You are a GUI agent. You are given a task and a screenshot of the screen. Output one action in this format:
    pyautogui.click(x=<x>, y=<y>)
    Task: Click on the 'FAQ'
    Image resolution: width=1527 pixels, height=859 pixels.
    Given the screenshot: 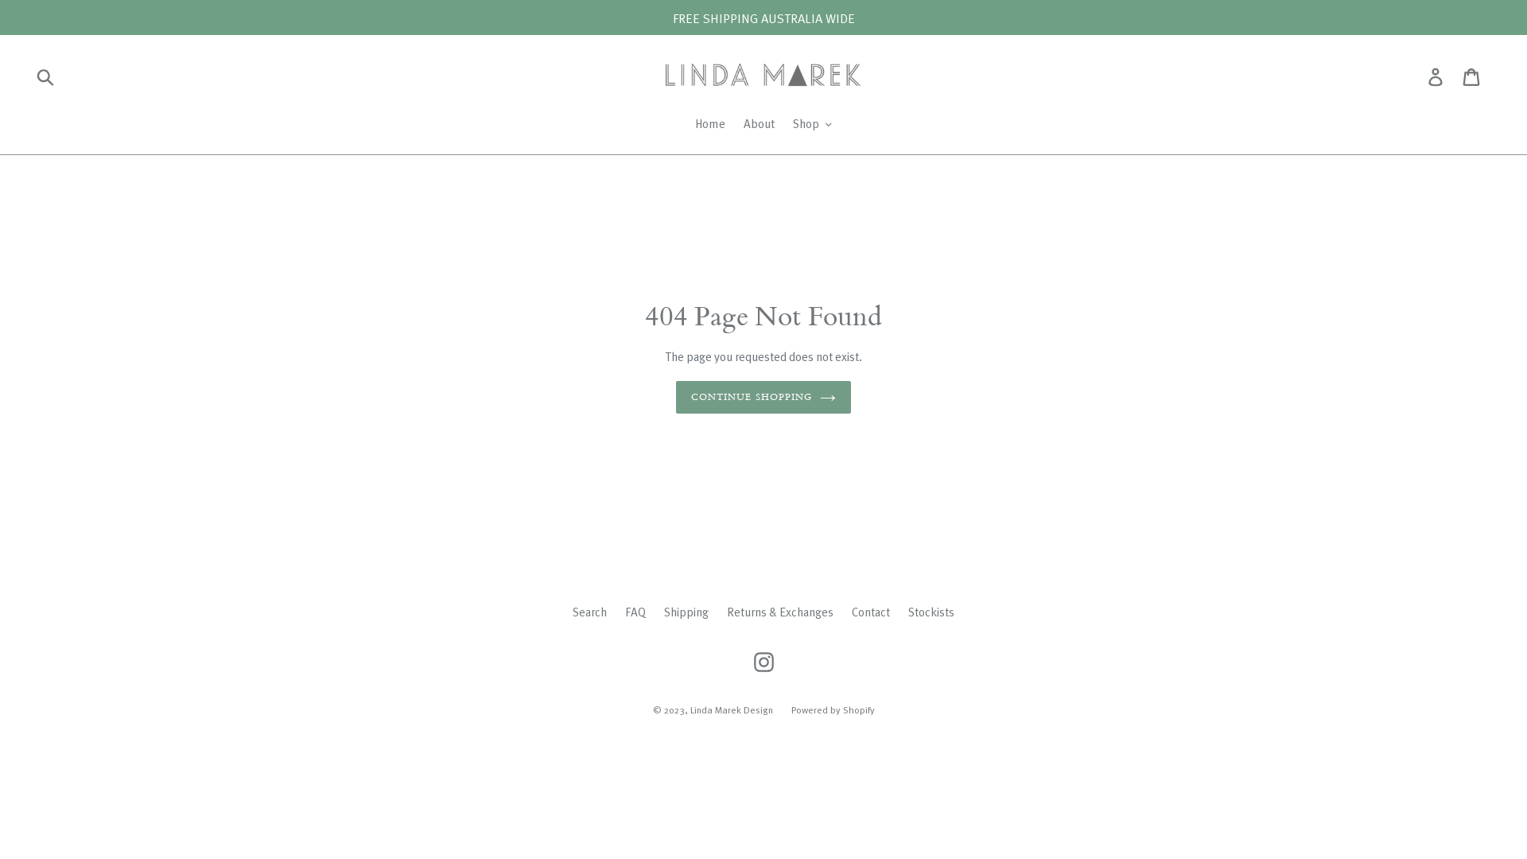 What is the action you would take?
    pyautogui.click(x=634, y=610)
    